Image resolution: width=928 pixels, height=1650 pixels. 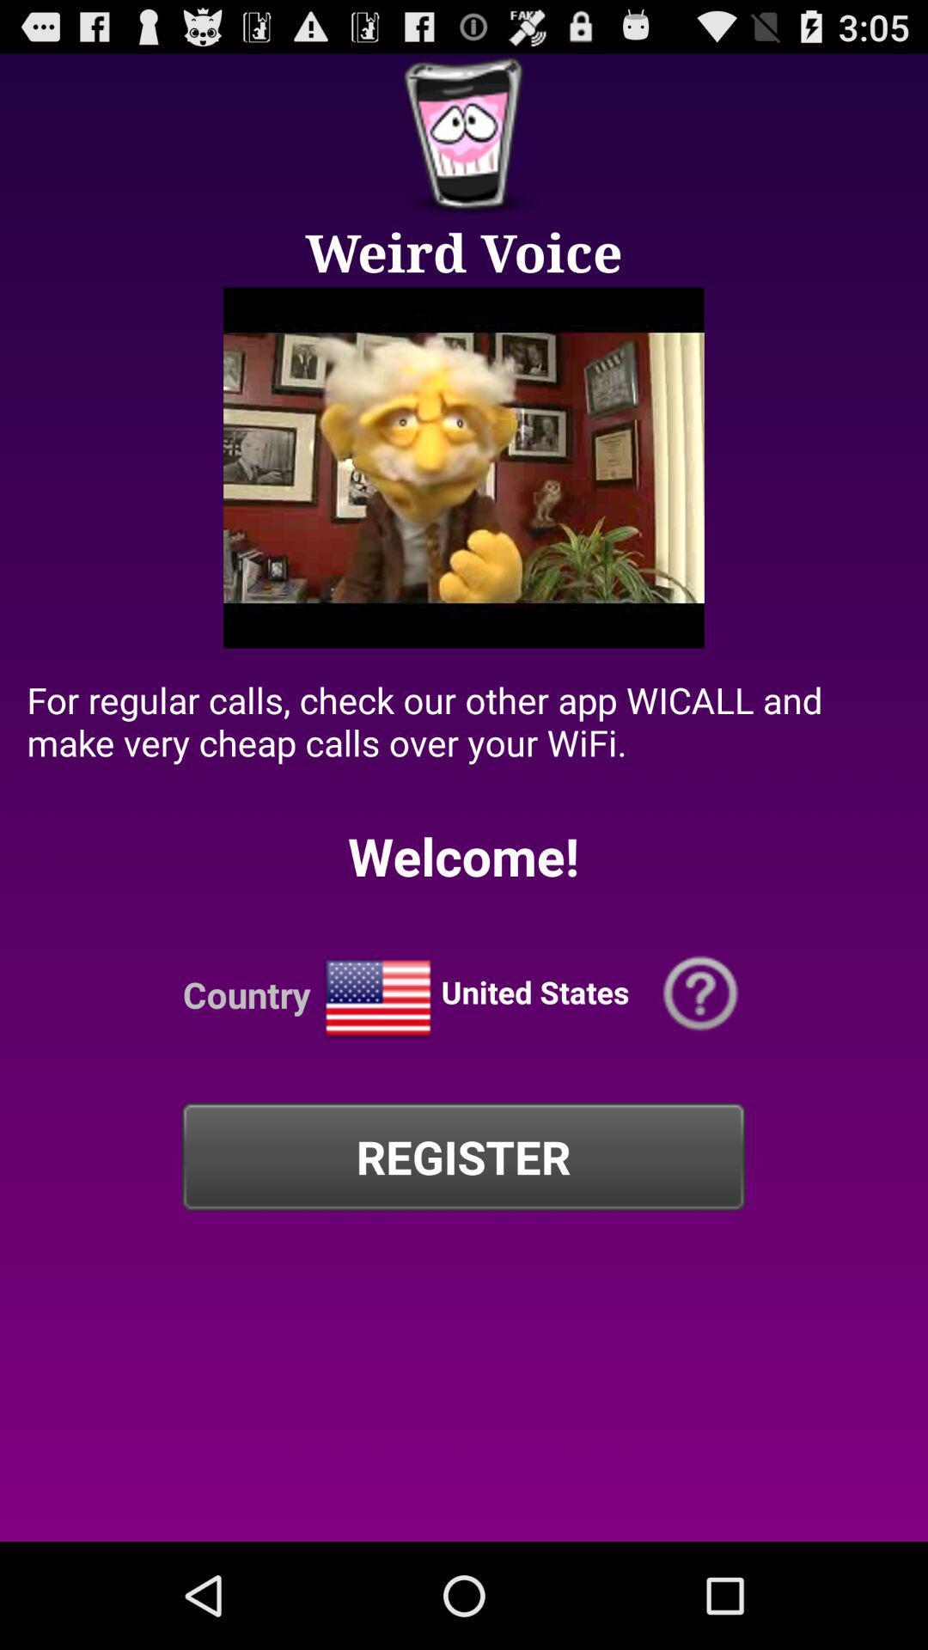 What do you see at coordinates (700, 1063) in the screenshot?
I see `the help icon` at bounding box center [700, 1063].